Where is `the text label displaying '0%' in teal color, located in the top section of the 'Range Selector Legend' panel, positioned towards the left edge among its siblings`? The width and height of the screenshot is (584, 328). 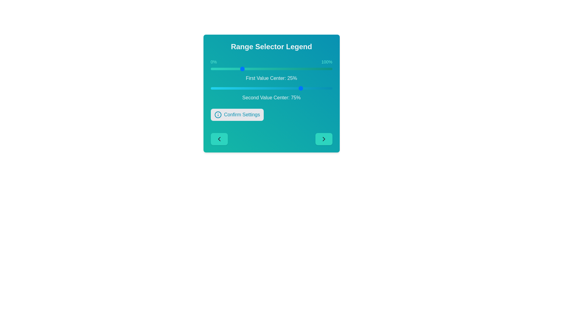
the text label displaying '0%' in teal color, located in the top section of the 'Range Selector Legend' panel, positioned towards the left edge among its siblings is located at coordinates (214, 62).